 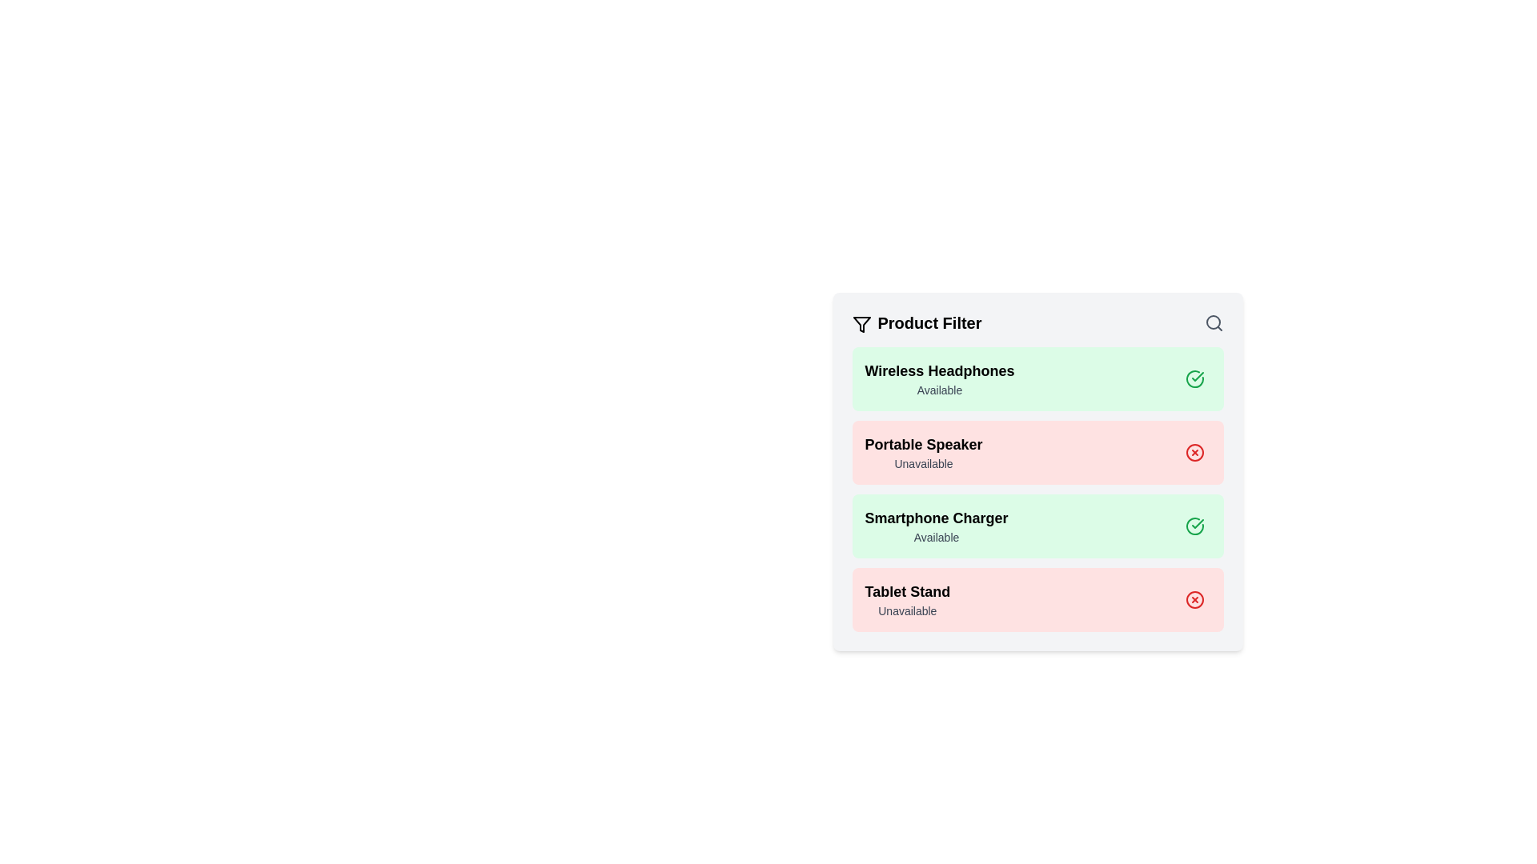 I want to click on the text label indicating 'Wireless Headphones', so click(x=939, y=370).